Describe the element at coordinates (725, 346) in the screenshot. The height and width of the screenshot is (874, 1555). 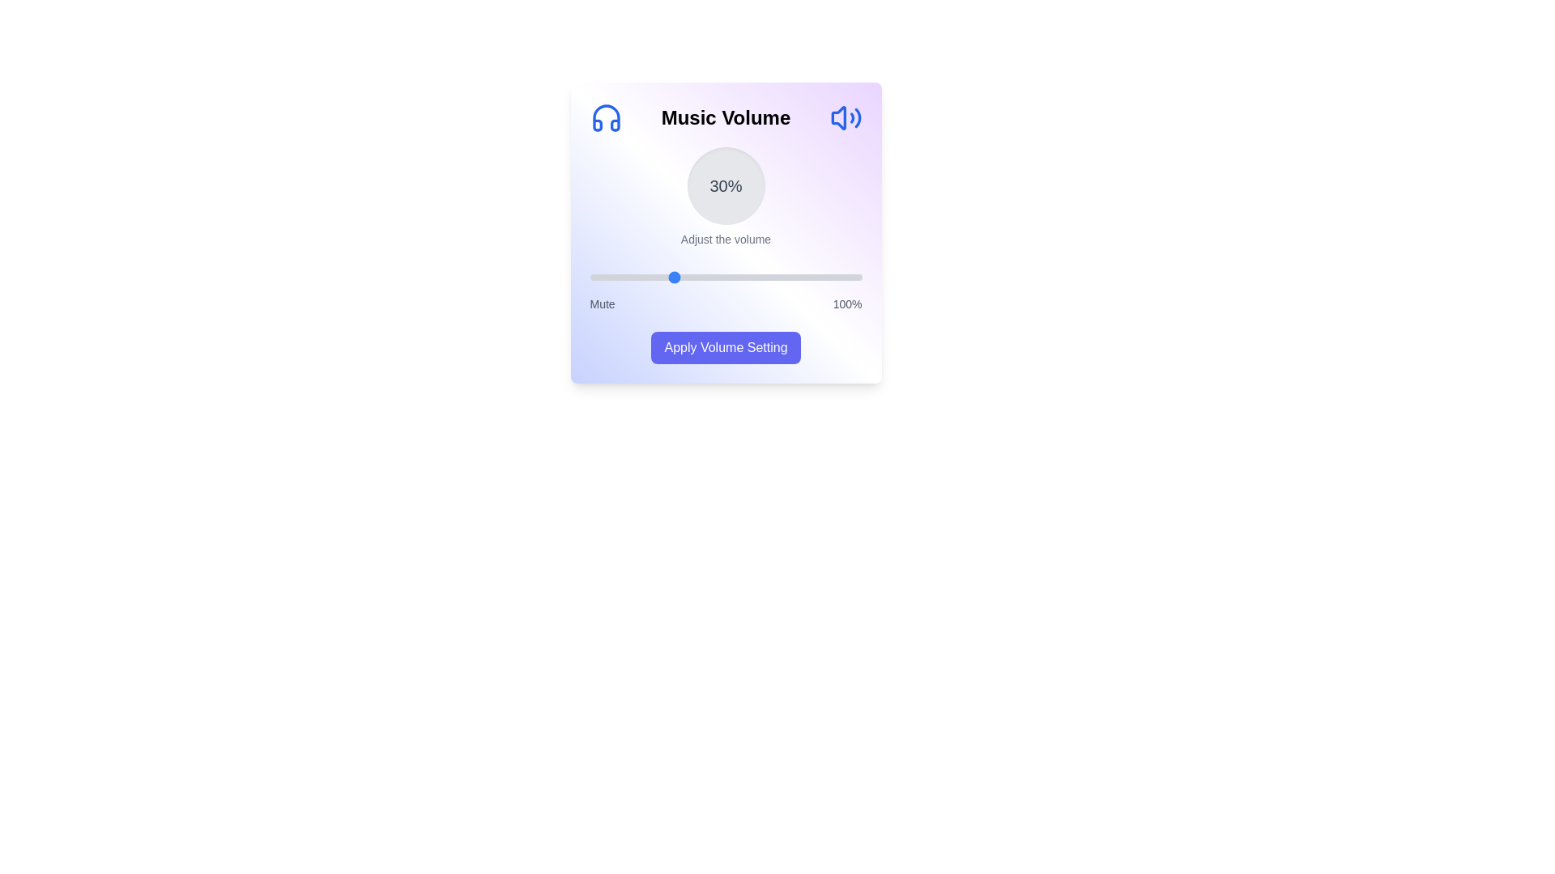
I see `the 'Apply Volume Setting' button` at that location.